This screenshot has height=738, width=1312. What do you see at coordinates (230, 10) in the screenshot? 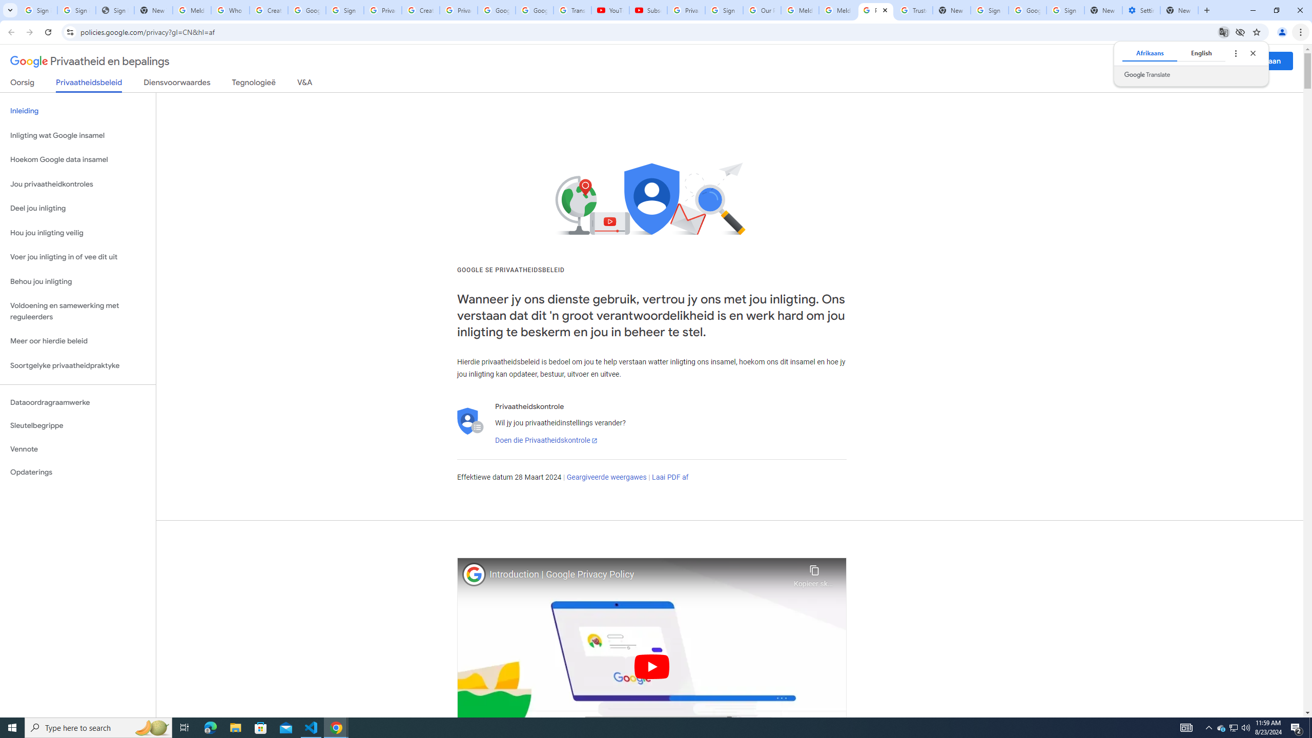
I see `'Who is my administrator? - Google Account Help'` at bounding box center [230, 10].